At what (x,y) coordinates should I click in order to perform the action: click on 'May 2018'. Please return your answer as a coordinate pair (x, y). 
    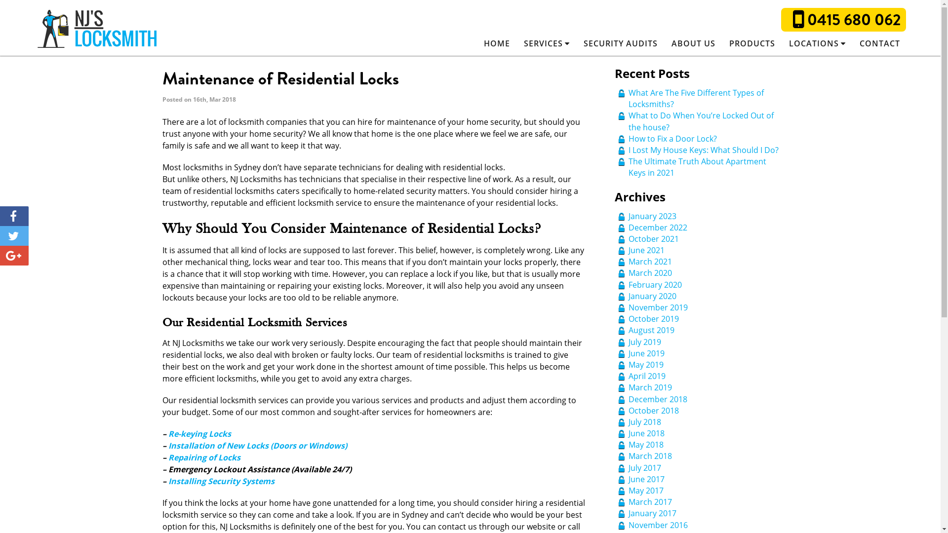
    Looking at the image, I should click on (645, 445).